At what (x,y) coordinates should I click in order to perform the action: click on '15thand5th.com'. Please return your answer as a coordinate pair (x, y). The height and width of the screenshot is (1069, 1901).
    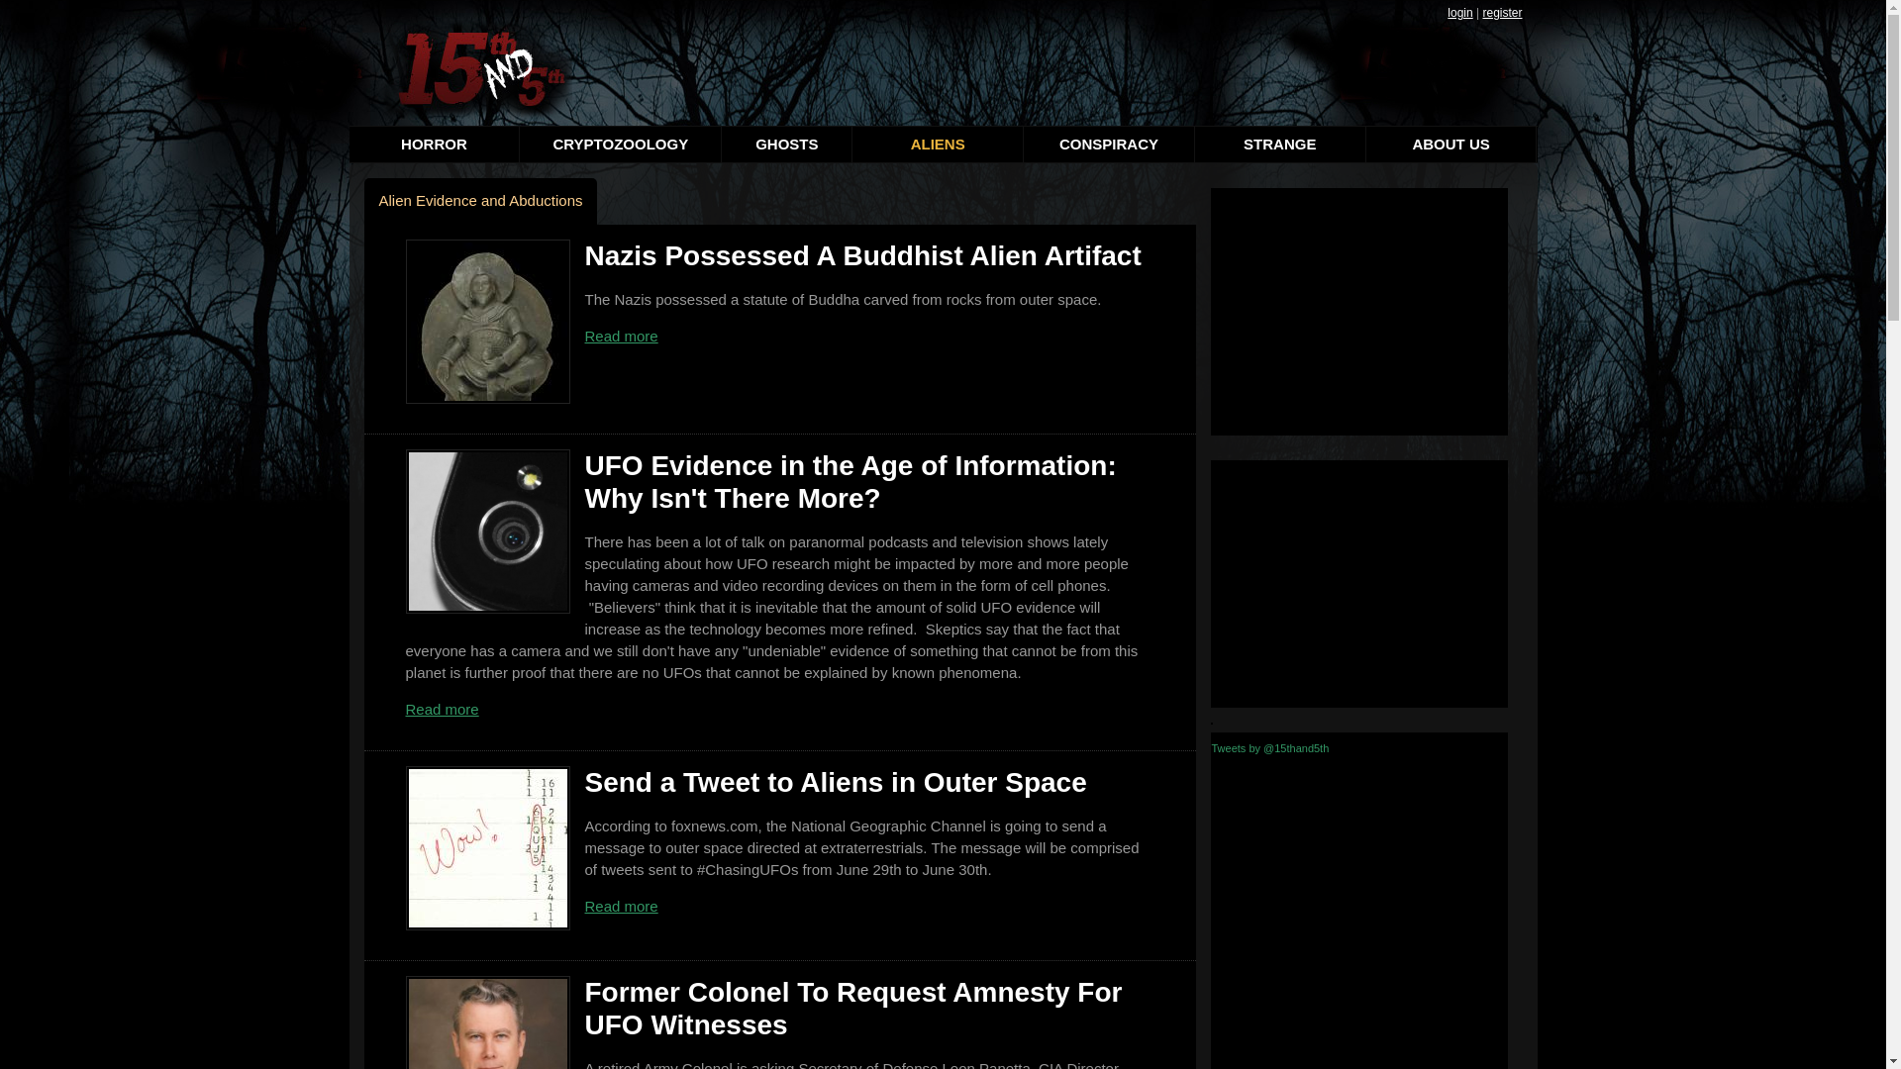
    Looking at the image, I should click on (472, 67).